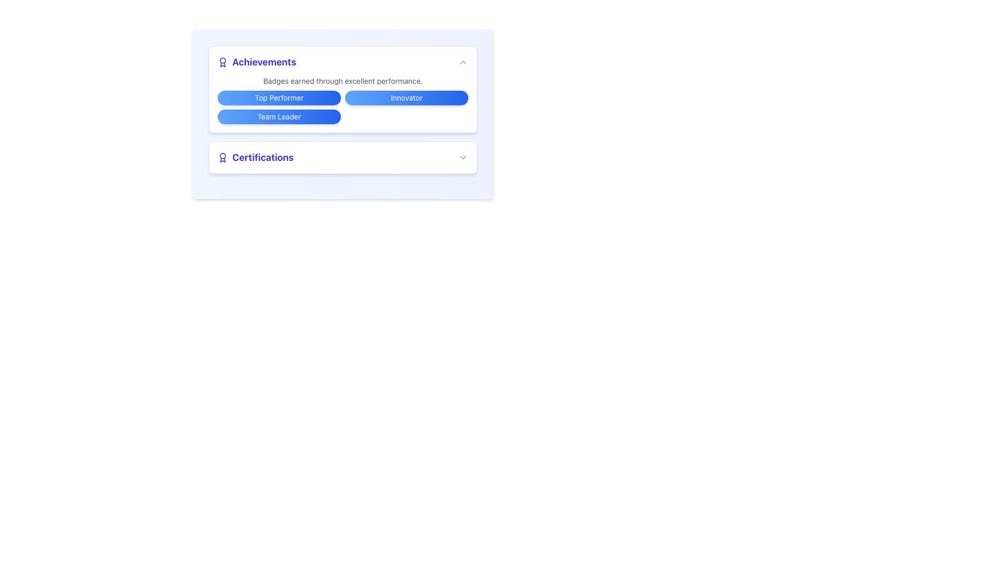  I want to click on the central SVG Circle element within the award badge icon located to the left of the 'Achievements' header text, so click(222, 60).